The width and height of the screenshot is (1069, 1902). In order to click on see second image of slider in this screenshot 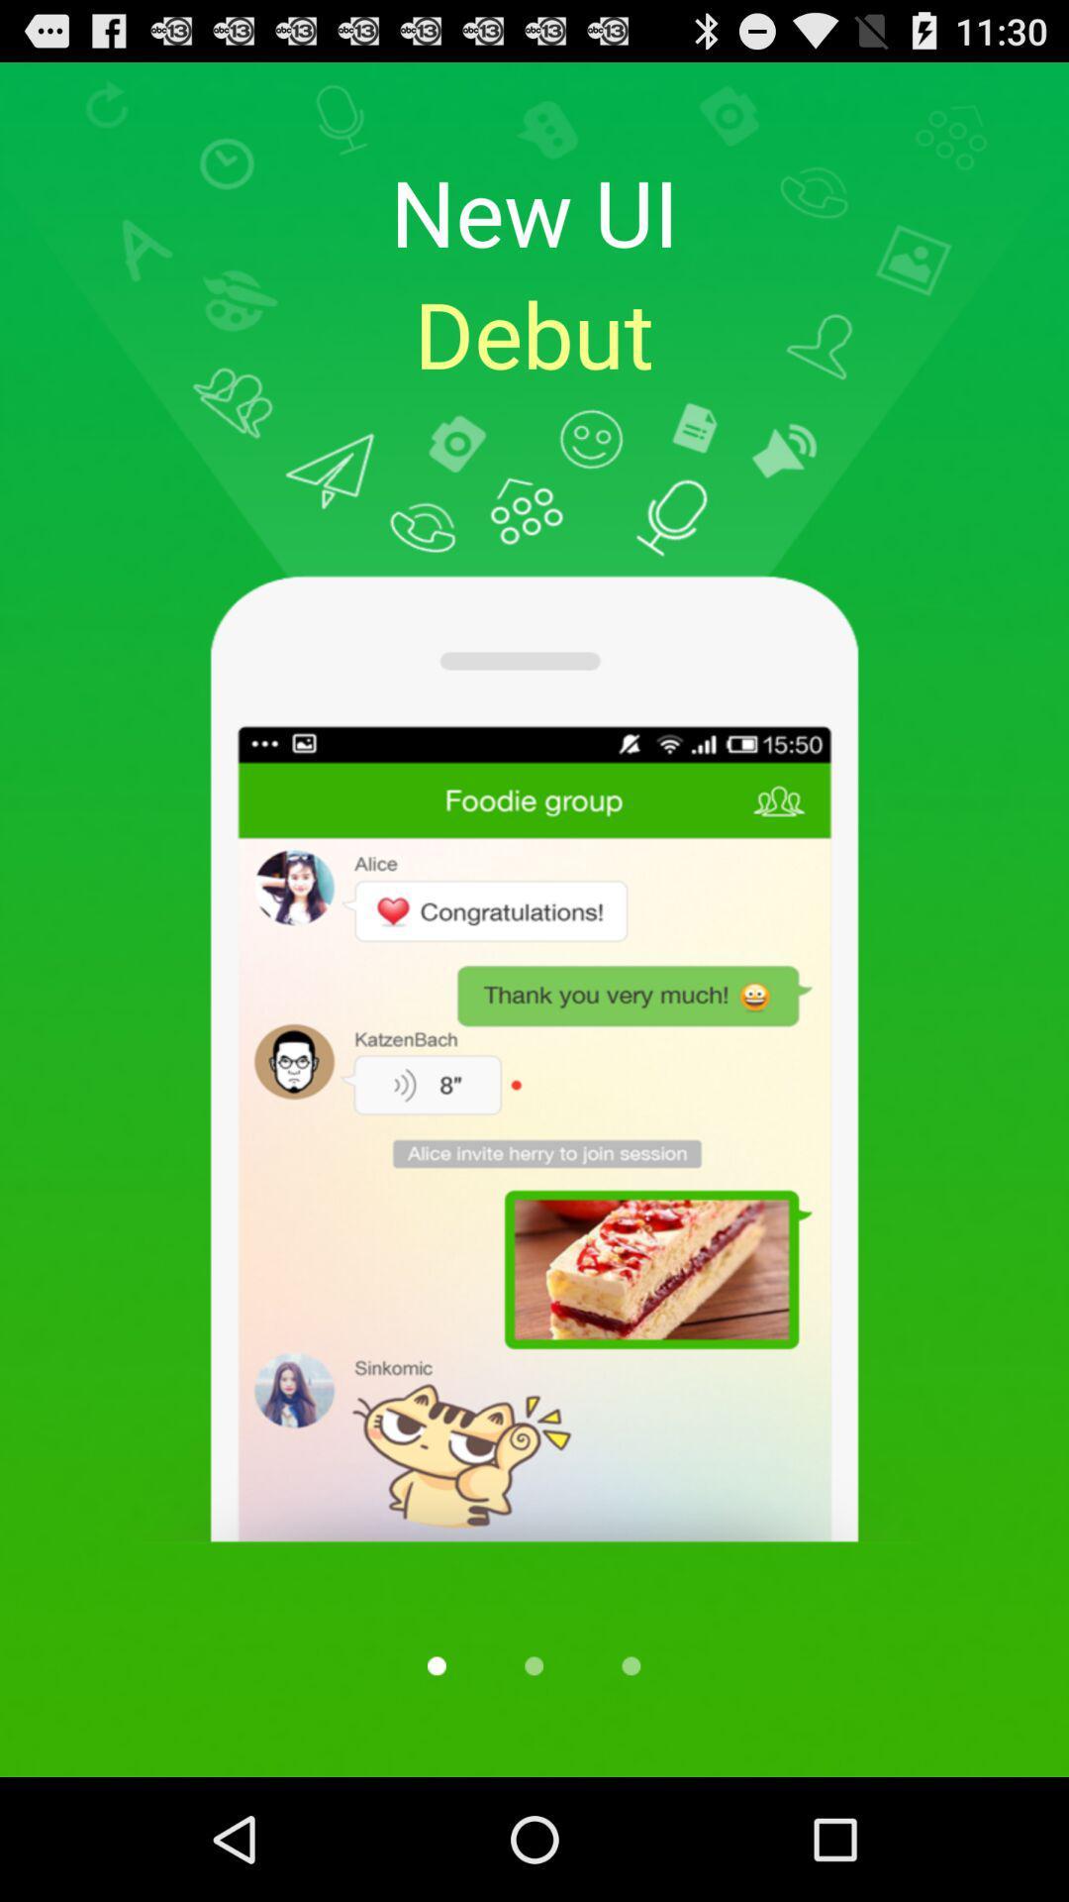, I will do `click(533, 1664)`.